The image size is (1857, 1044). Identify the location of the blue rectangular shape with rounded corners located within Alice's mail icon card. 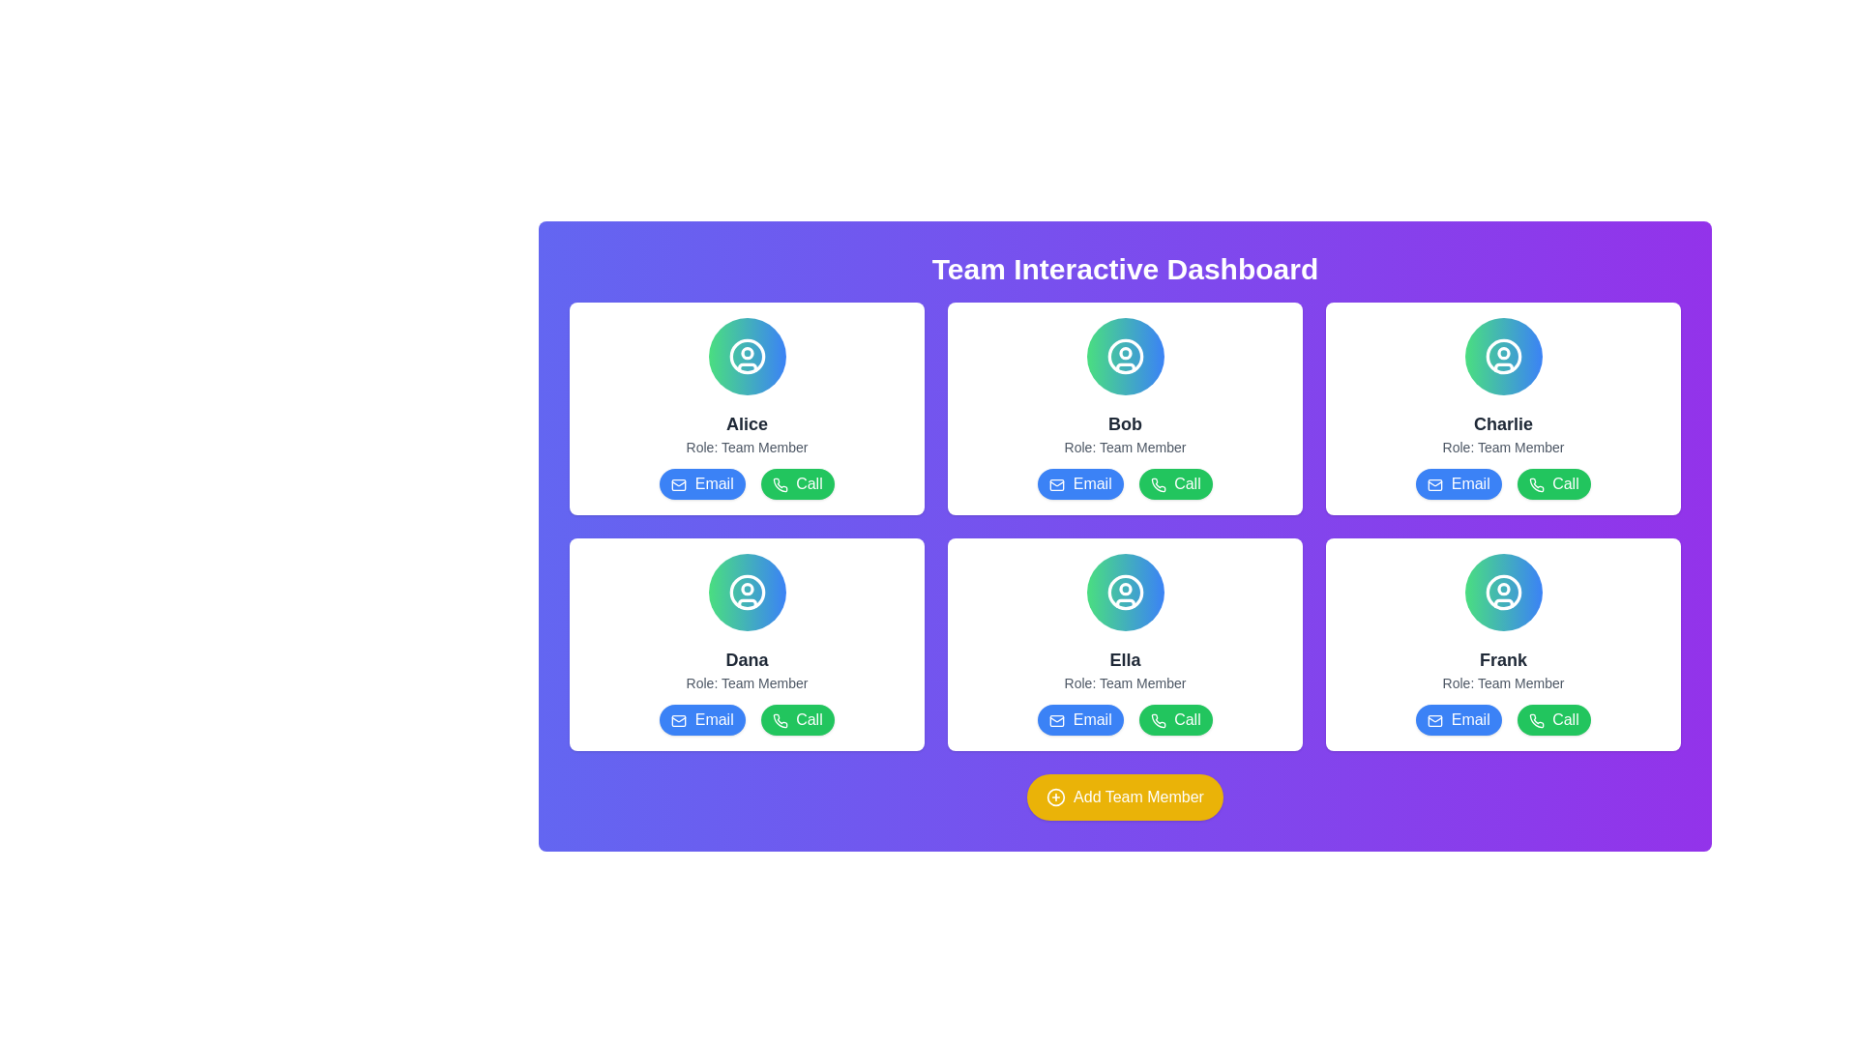
(679, 483).